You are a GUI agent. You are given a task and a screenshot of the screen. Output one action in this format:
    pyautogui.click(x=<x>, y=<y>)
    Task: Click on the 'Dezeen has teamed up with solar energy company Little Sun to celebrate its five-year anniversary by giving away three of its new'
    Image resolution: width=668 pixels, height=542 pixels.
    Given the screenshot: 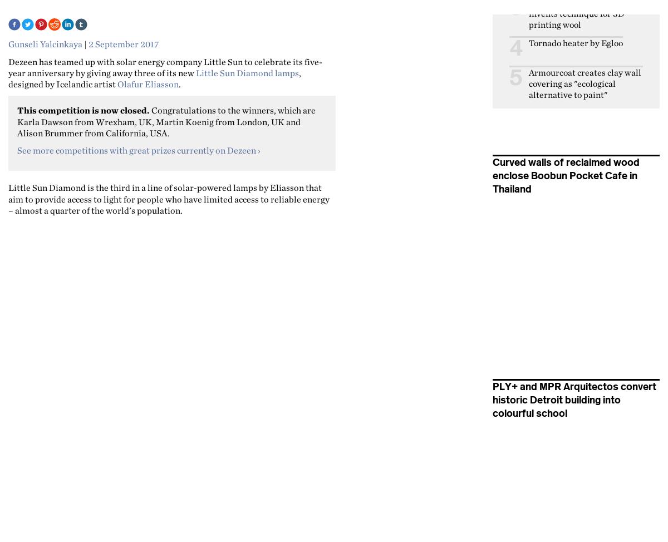 What is the action you would take?
    pyautogui.click(x=165, y=66)
    